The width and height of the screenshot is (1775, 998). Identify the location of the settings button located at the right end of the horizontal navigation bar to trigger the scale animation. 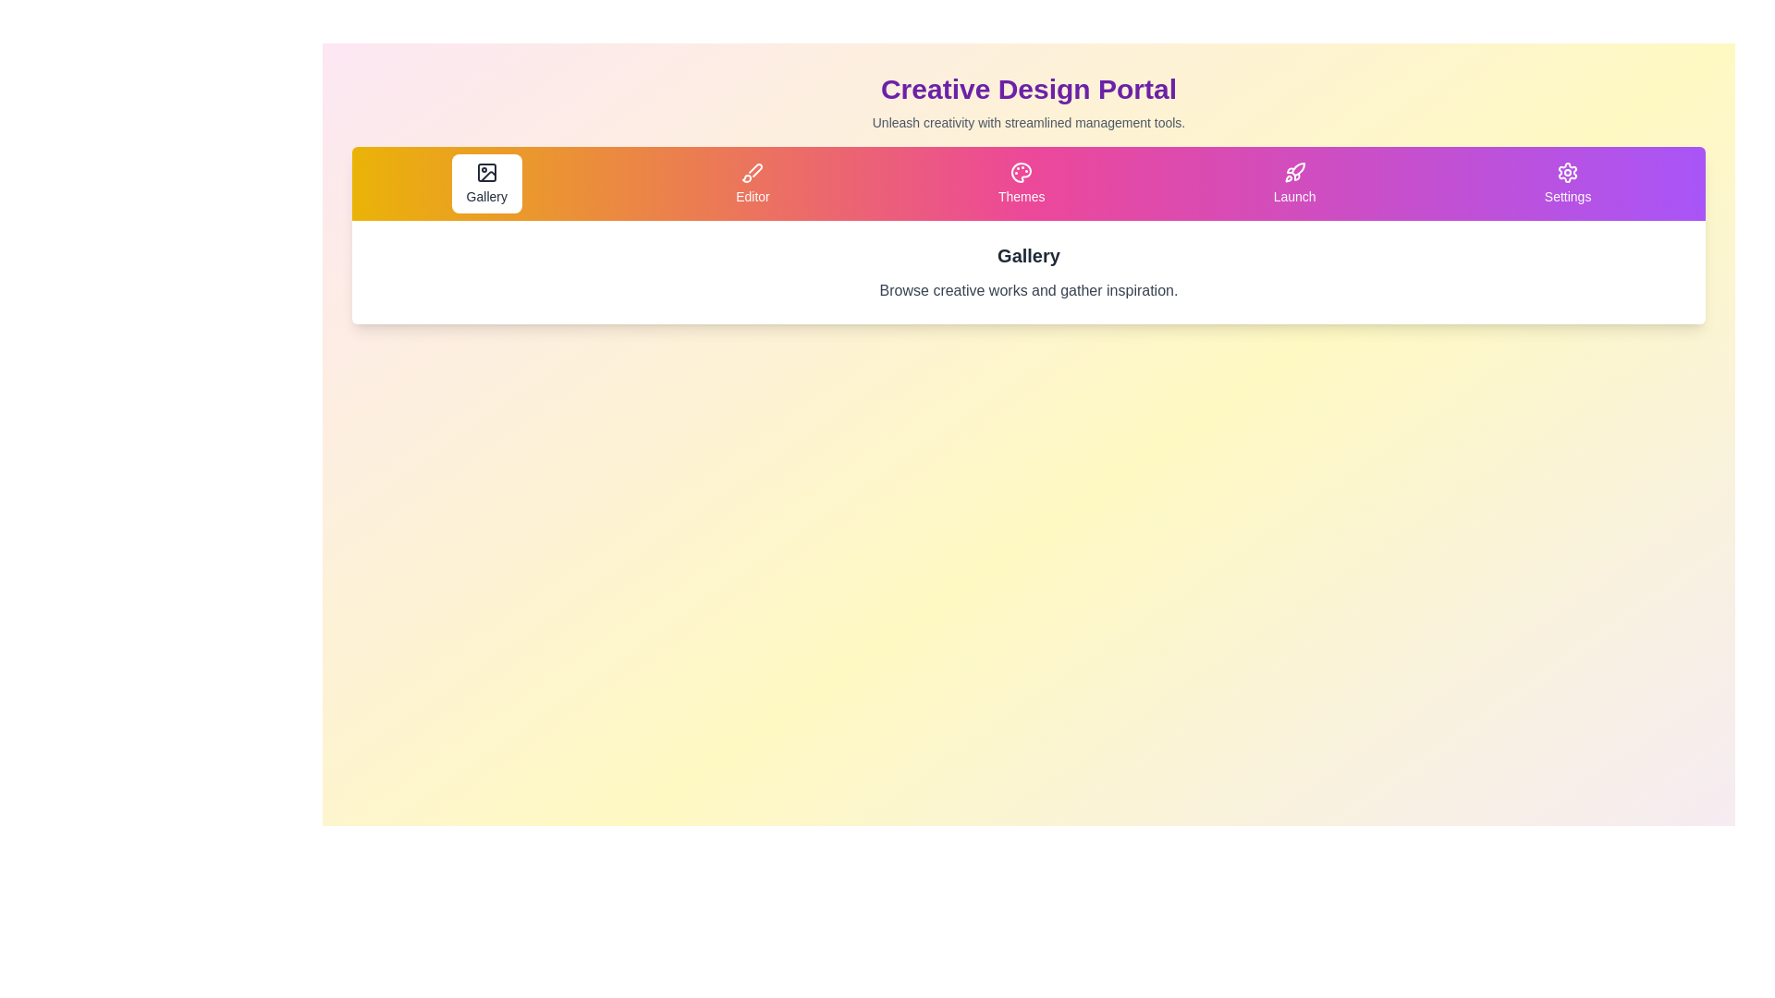
(1567, 184).